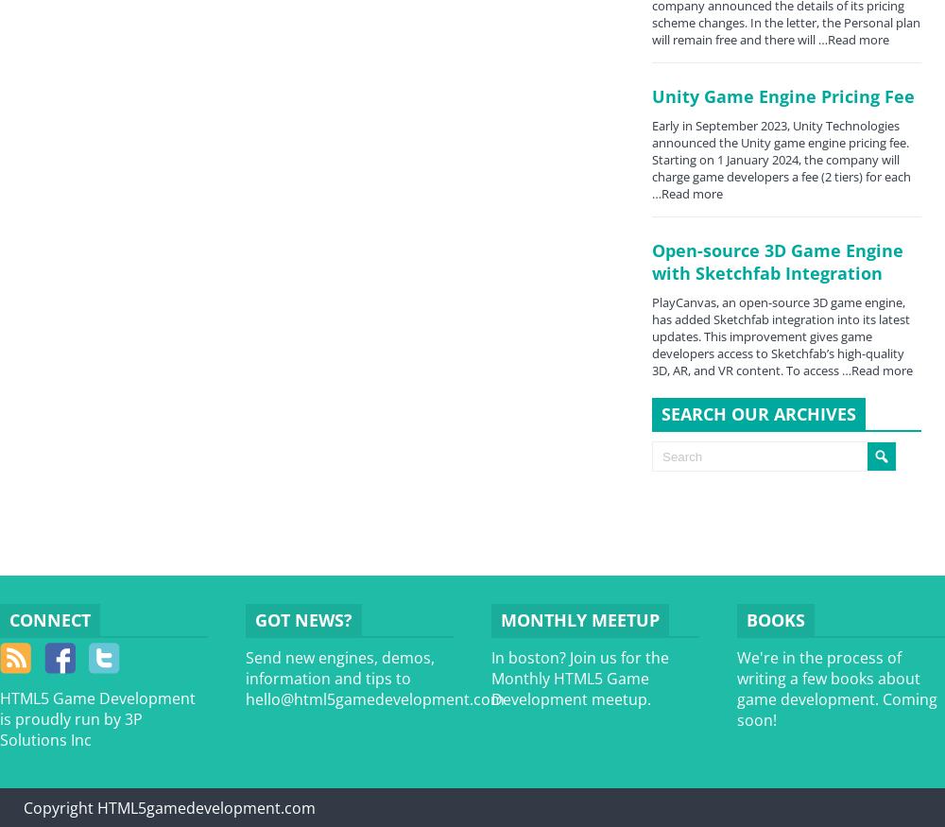  Describe the element at coordinates (782, 96) in the screenshot. I see `'Unity Game Engine Pricing Fee'` at that location.